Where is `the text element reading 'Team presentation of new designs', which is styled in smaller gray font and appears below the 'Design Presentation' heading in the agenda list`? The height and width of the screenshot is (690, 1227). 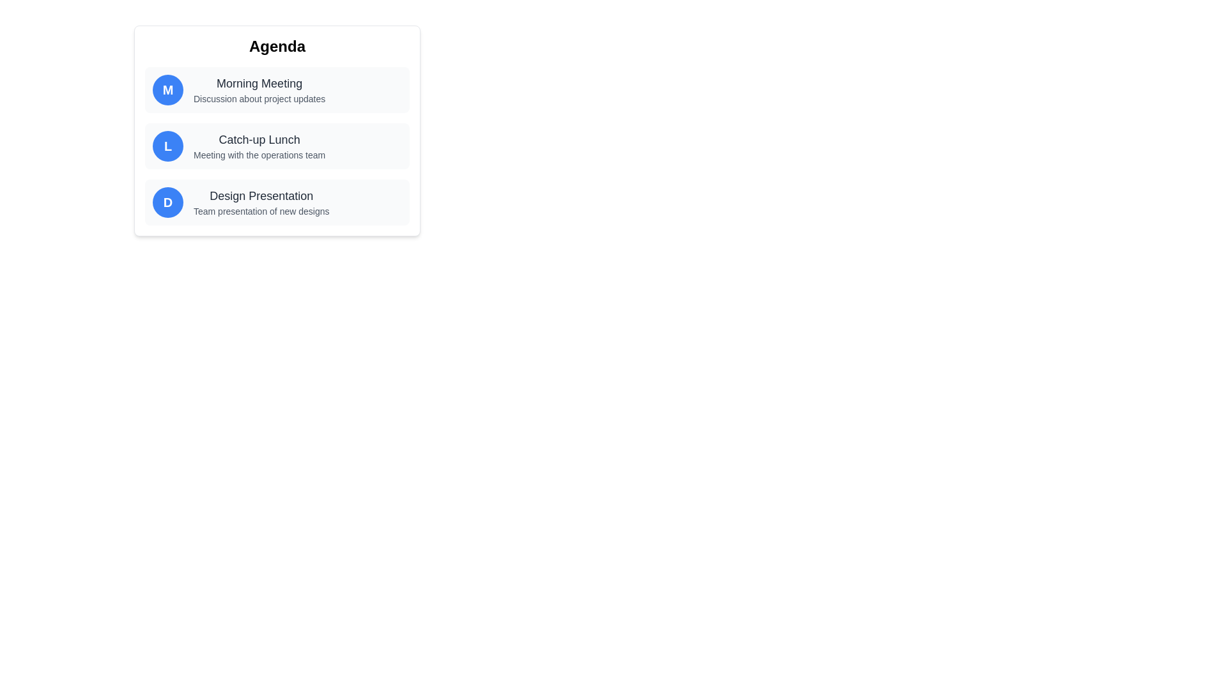
the text element reading 'Team presentation of new designs', which is styled in smaller gray font and appears below the 'Design Presentation' heading in the agenda list is located at coordinates (261, 211).